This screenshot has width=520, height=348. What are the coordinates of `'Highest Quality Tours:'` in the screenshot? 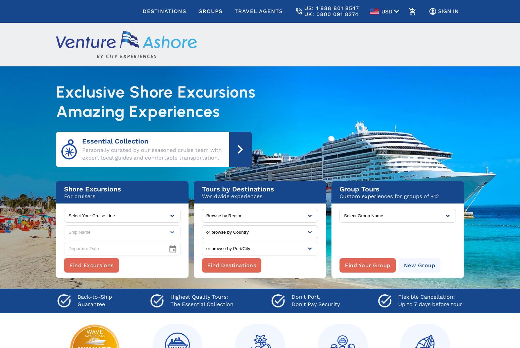 It's located at (199, 297).